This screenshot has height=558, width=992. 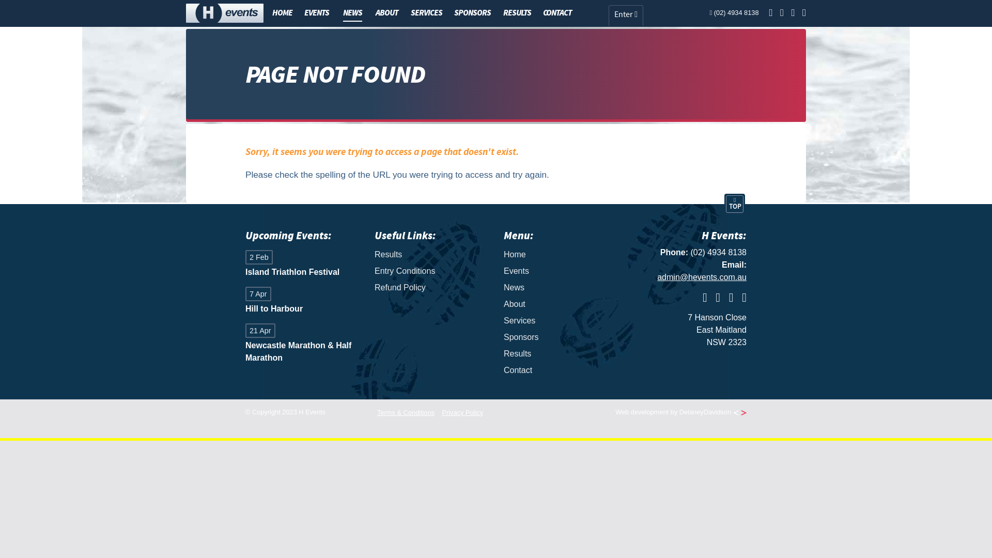 What do you see at coordinates (734, 204) in the screenshot?
I see `'TOP'` at bounding box center [734, 204].